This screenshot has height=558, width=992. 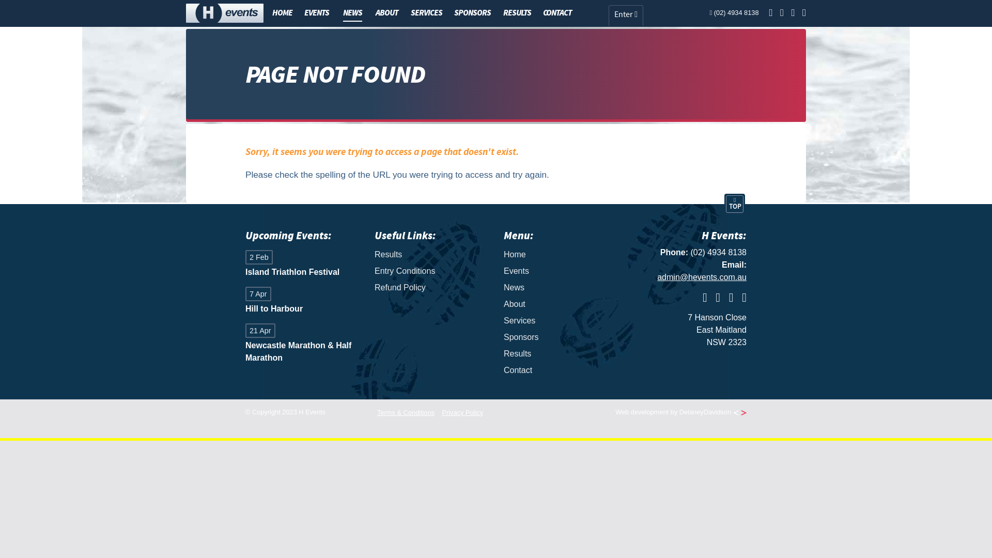 What do you see at coordinates (734, 204) in the screenshot?
I see `'TOP'` at bounding box center [734, 204].